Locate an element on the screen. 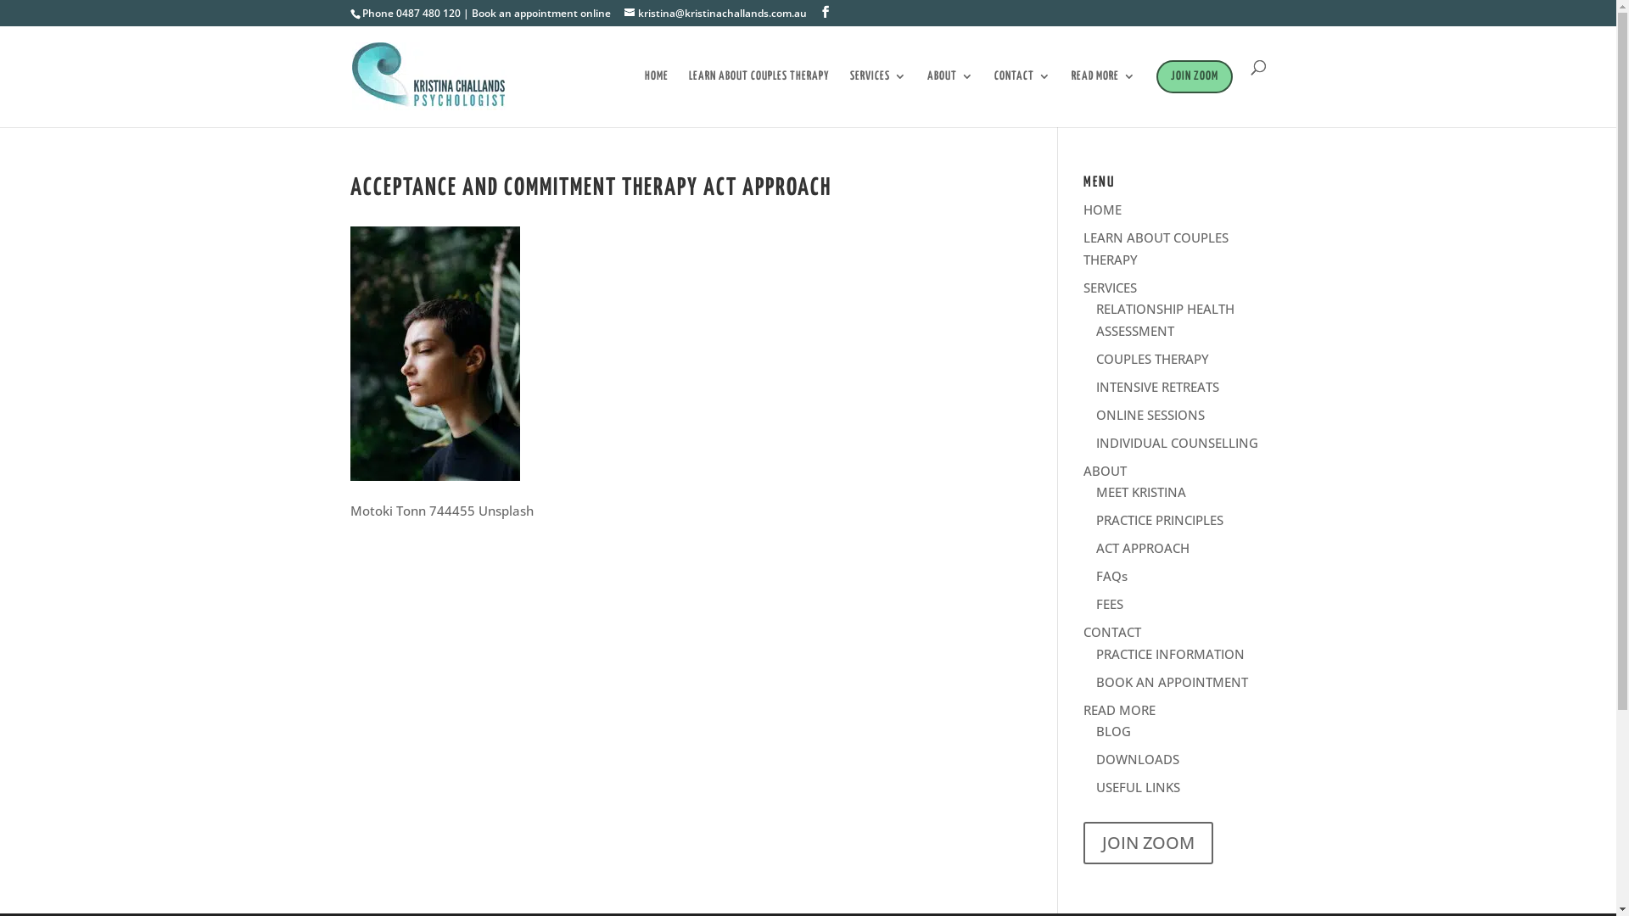 This screenshot has height=916, width=1629. 'PRACTICE INFORMATION' is located at coordinates (1169, 652).